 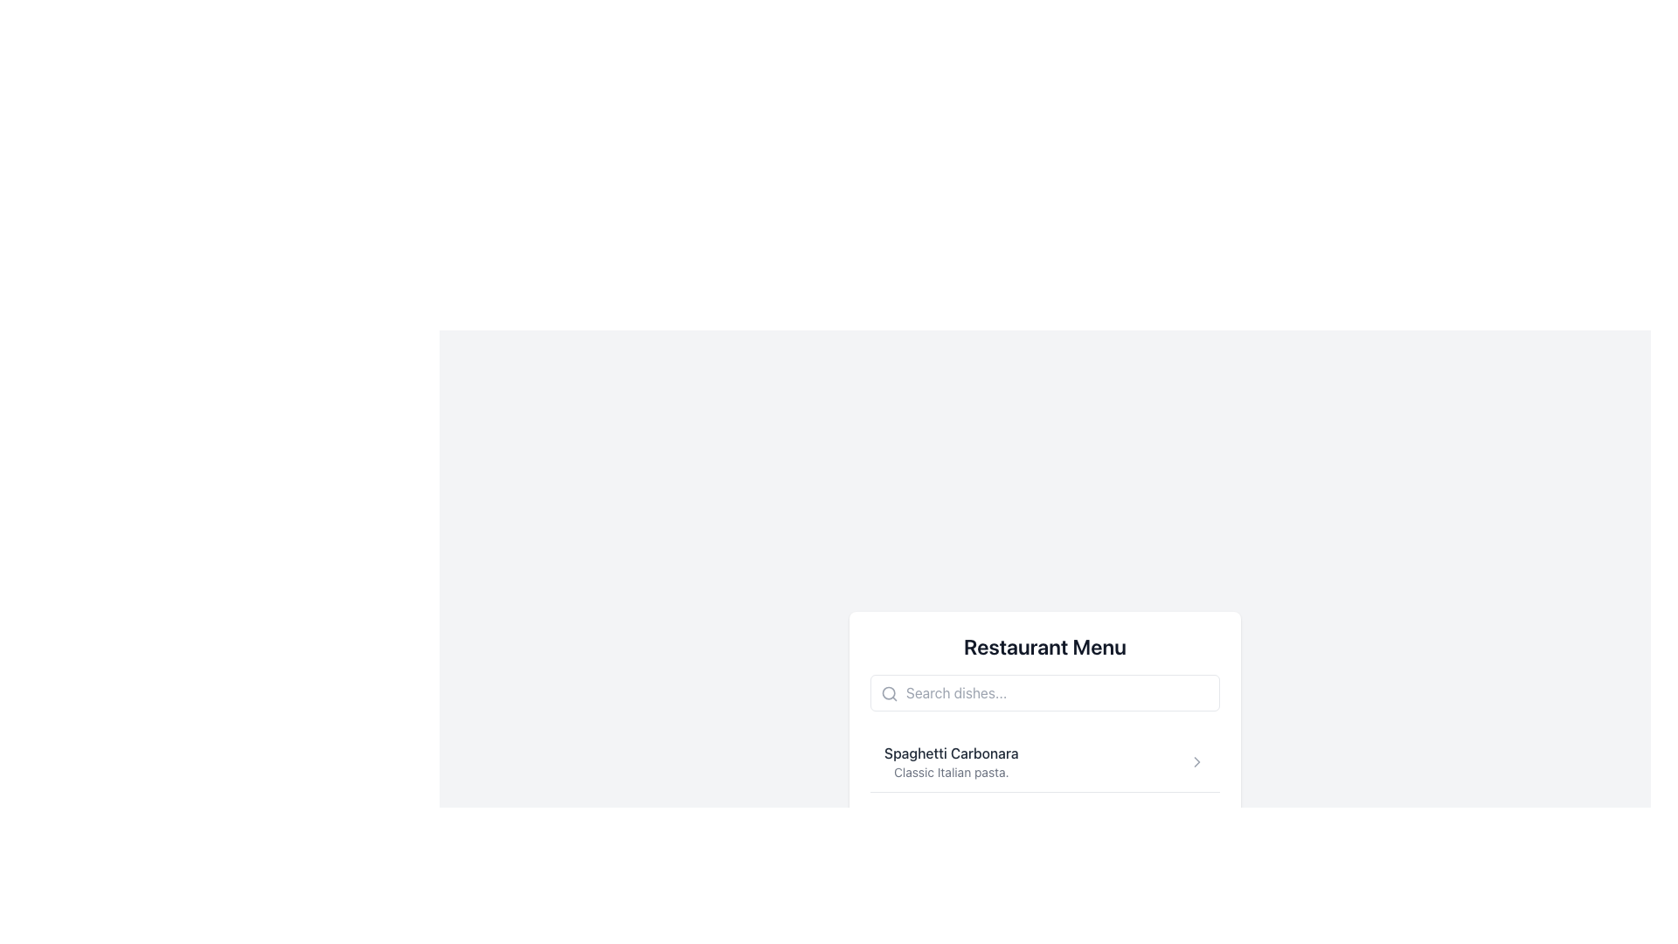 What do you see at coordinates (889, 692) in the screenshot?
I see `the magnifying glass icon located to the left of the search input field, which indicates the search functionality` at bounding box center [889, 692].